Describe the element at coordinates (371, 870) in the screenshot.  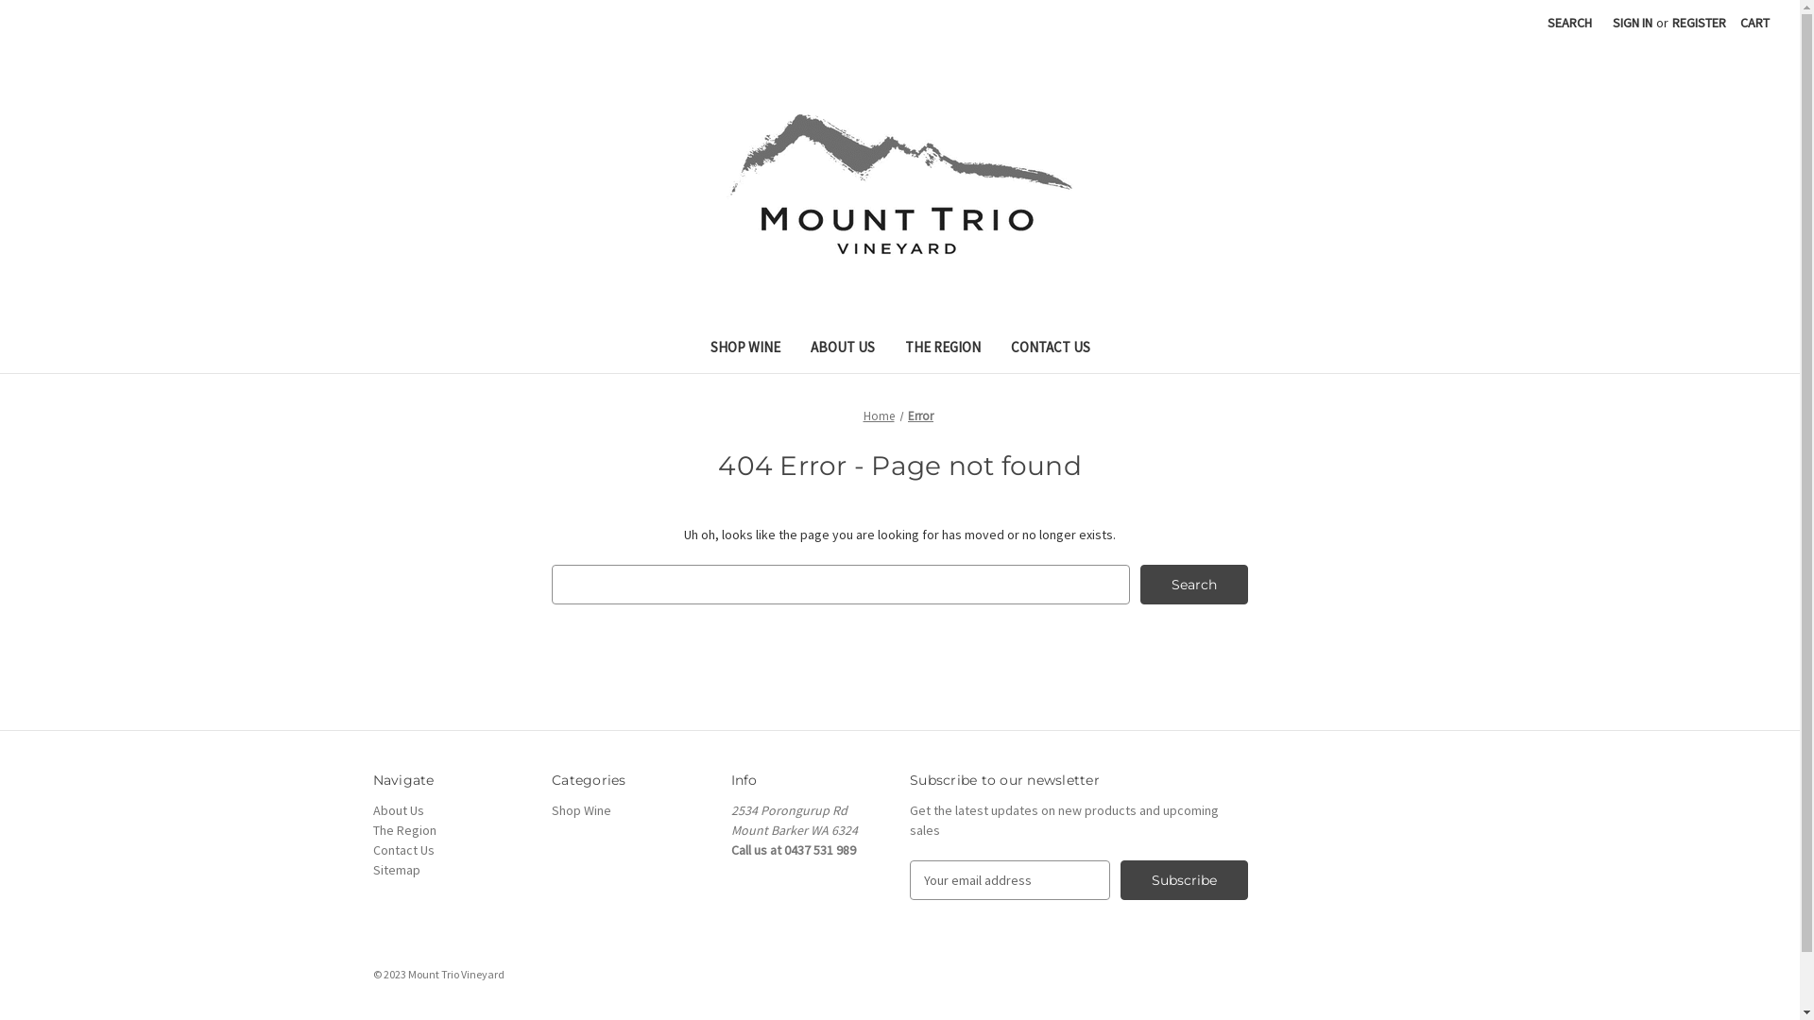
I see `'Sitemap'` at that location.